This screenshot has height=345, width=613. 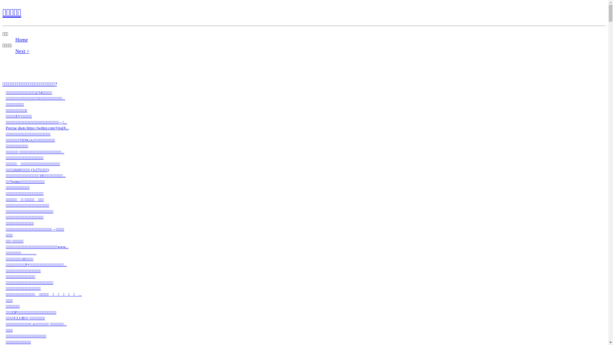 What do you see at coordinates (21, 40) in the screenshot?
I see `'Home'` at bounding box center [21, 40].